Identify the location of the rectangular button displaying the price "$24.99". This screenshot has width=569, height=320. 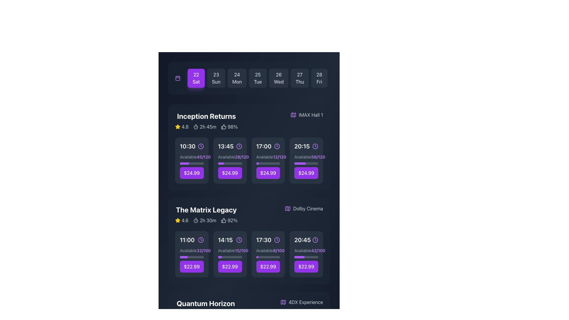
(230, 173).